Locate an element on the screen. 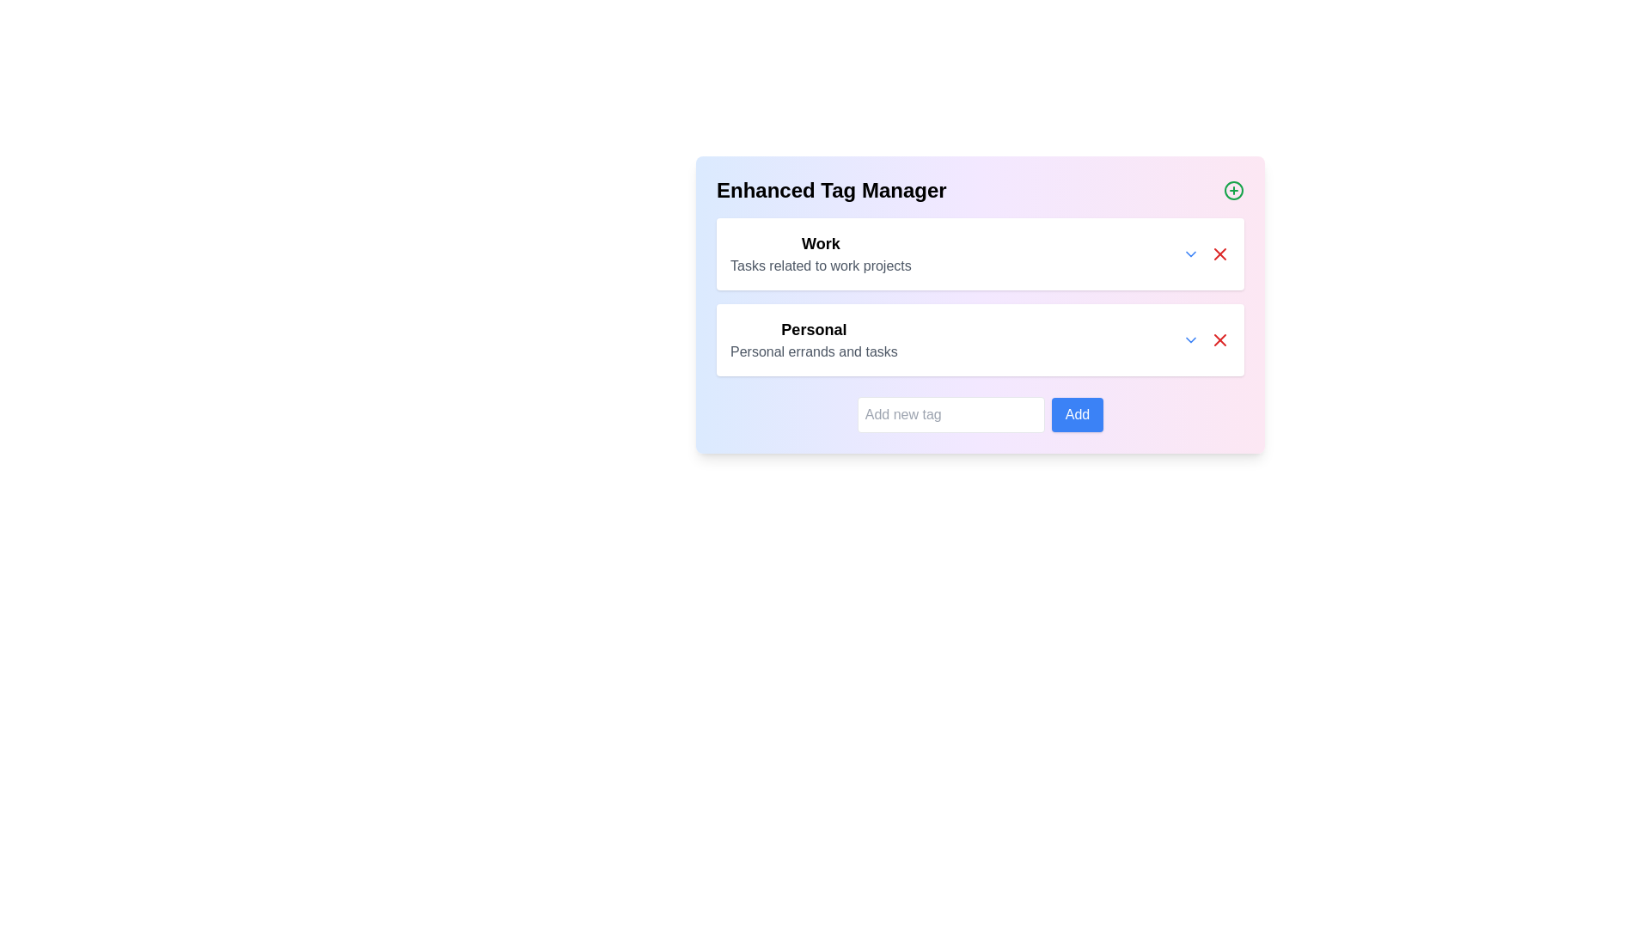 Image resolution: width=1650 pixels, height=928 pixels. the icon located to the right of the 'Personal' text in the second row is located at coordinates (1190, 254).